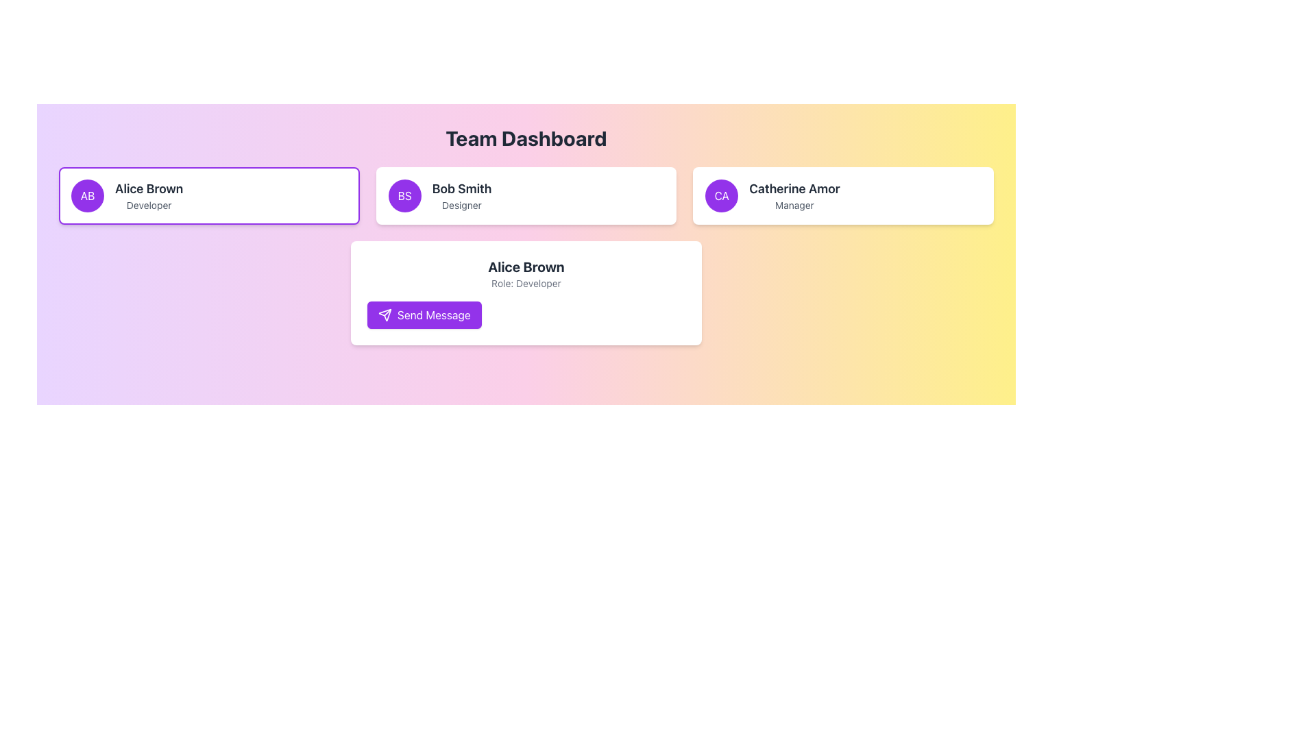 This screenshot has height=740, width=1316. I want to click on text information inside the user profile card for Alice Brown, which includes her name and role, located in the third card of the second row under 'Team Dashboard', so click(526, 293).